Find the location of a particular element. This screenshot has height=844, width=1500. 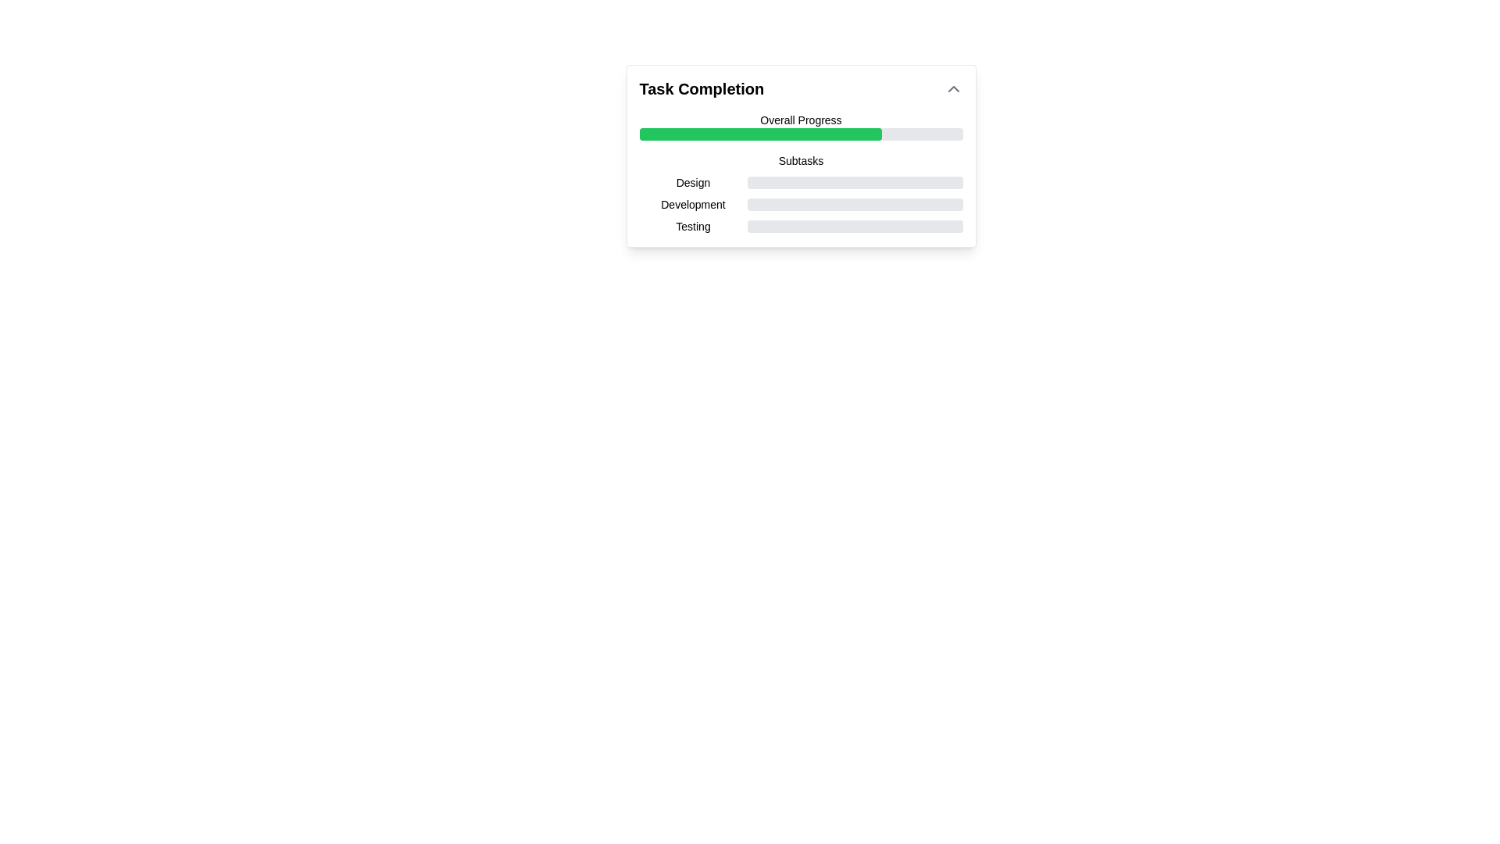

the progress bar labeled 'Design' which is the first item in the list under 'Subtasks' is located at coordinates (801, 182).